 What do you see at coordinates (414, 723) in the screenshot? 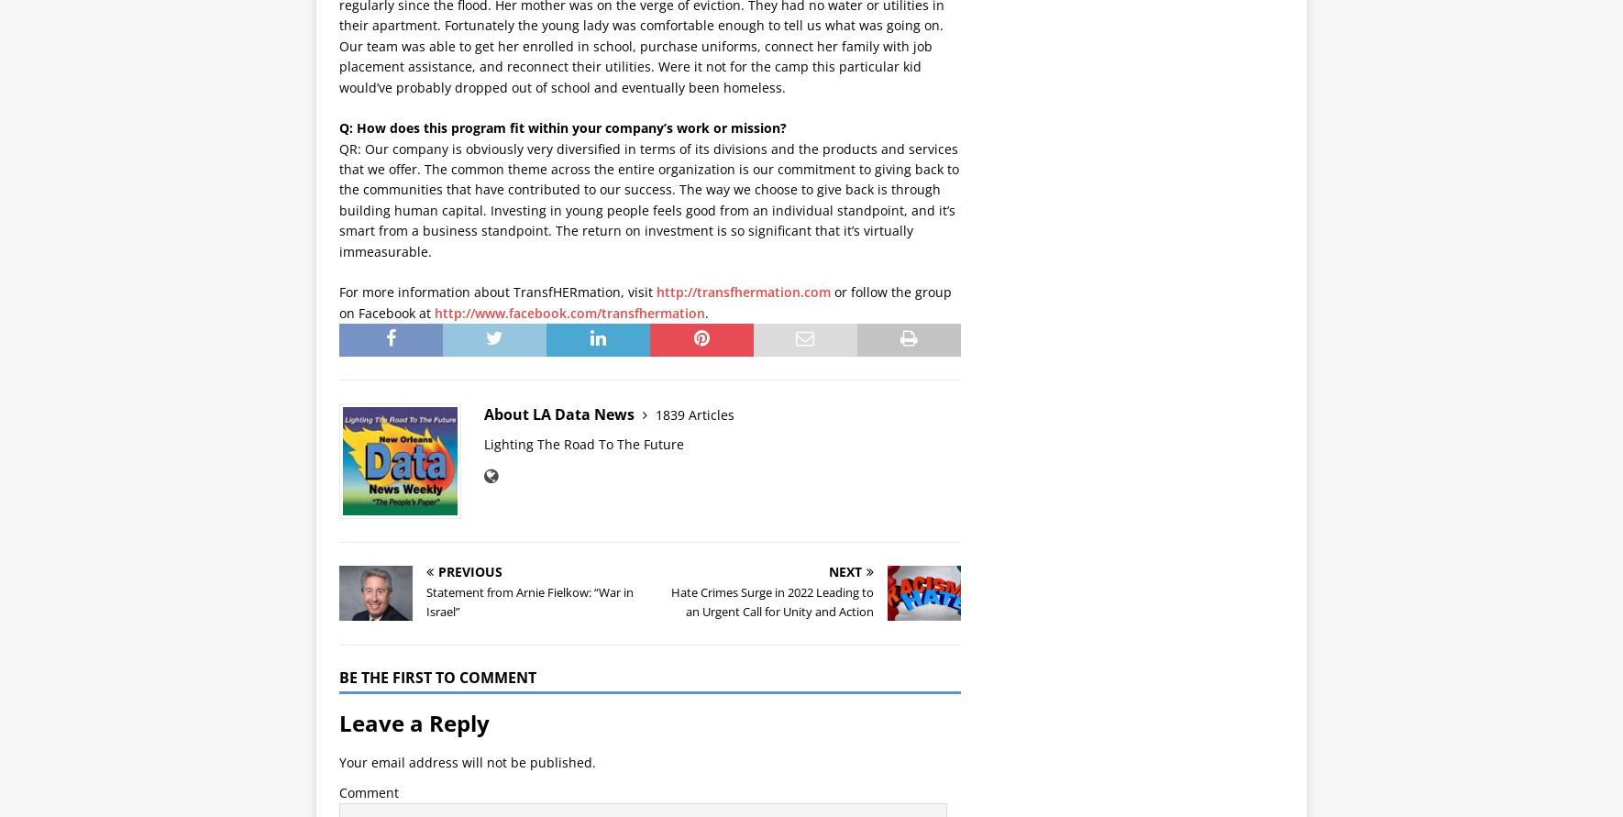
I see `'Leave a Reply'` at bounding box center [414, 723].